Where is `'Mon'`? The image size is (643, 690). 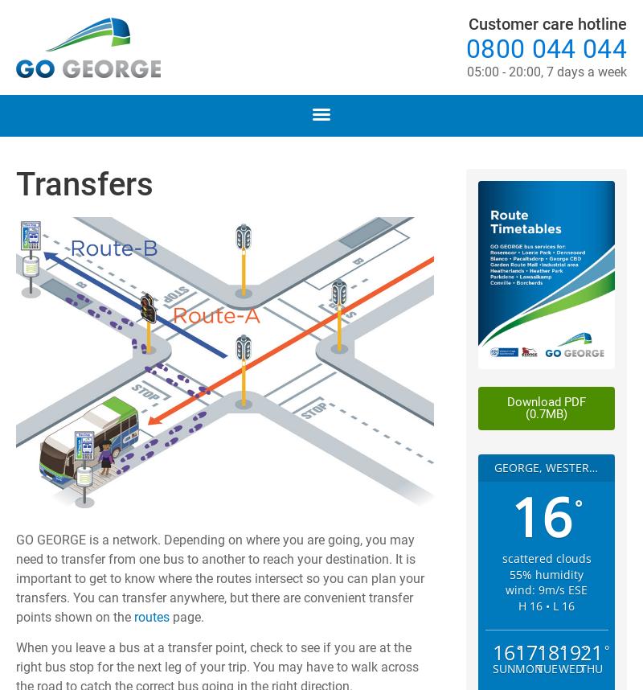 'Mon' is located at coordinates (514, 667).